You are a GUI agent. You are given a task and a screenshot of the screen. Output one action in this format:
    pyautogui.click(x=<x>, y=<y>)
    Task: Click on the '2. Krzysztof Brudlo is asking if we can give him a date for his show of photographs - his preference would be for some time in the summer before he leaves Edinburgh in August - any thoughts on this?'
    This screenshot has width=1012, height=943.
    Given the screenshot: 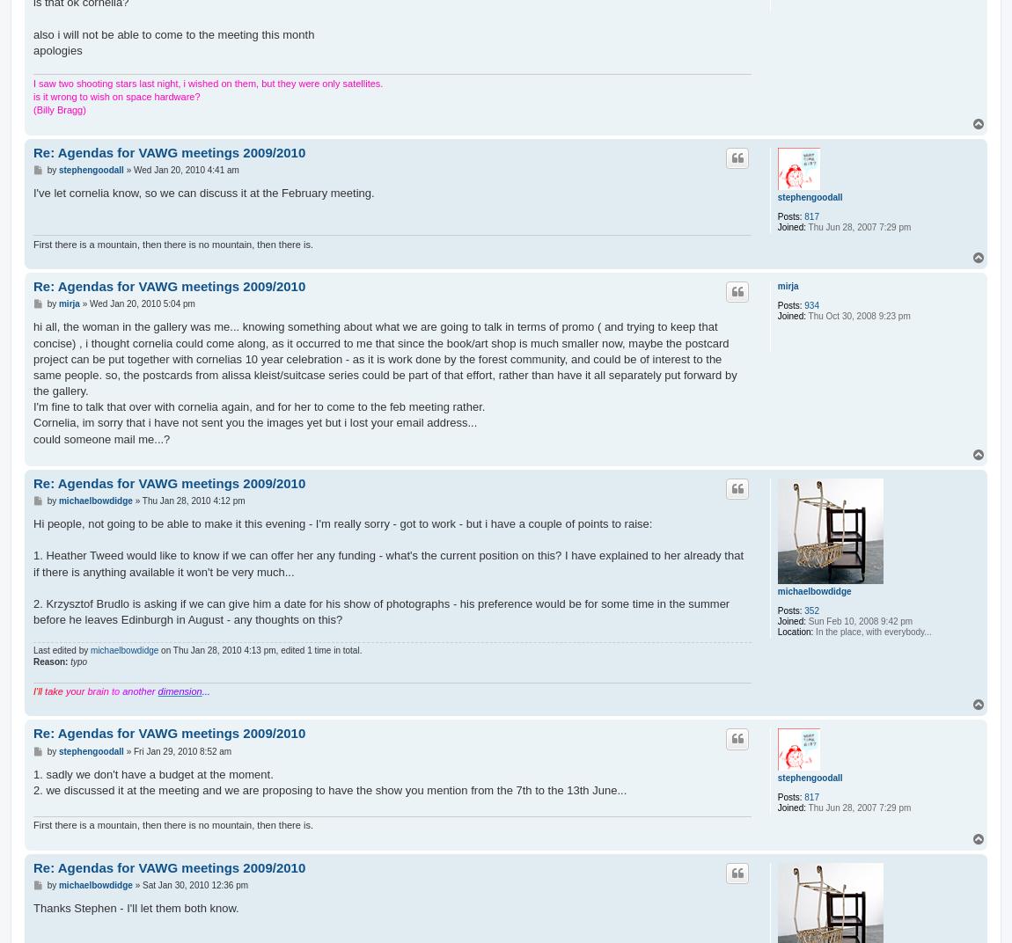 What is the action you would take?
    pyautogui.click(x=381, y=610)
    